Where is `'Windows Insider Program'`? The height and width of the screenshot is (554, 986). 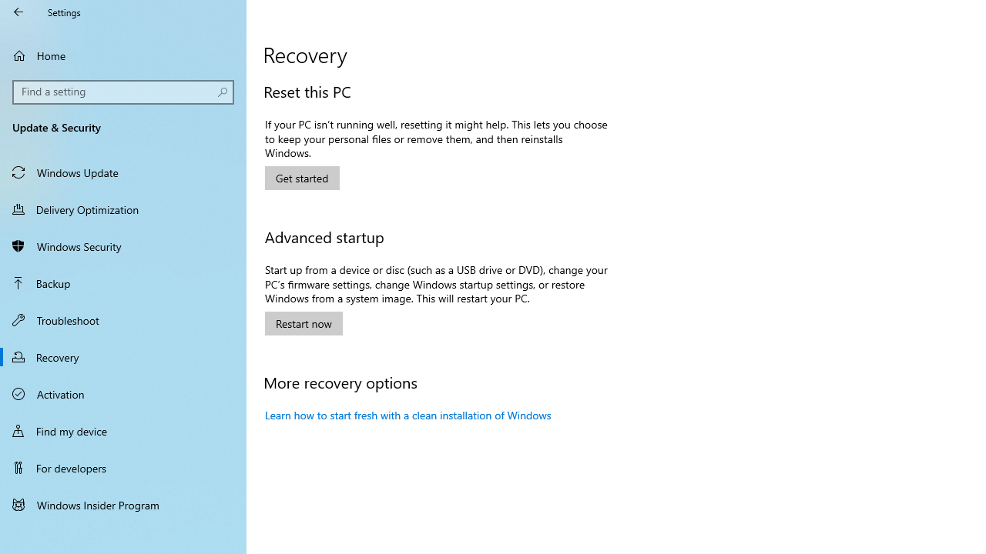 'Windows Insider Program' is located at coordinates (123, 504).